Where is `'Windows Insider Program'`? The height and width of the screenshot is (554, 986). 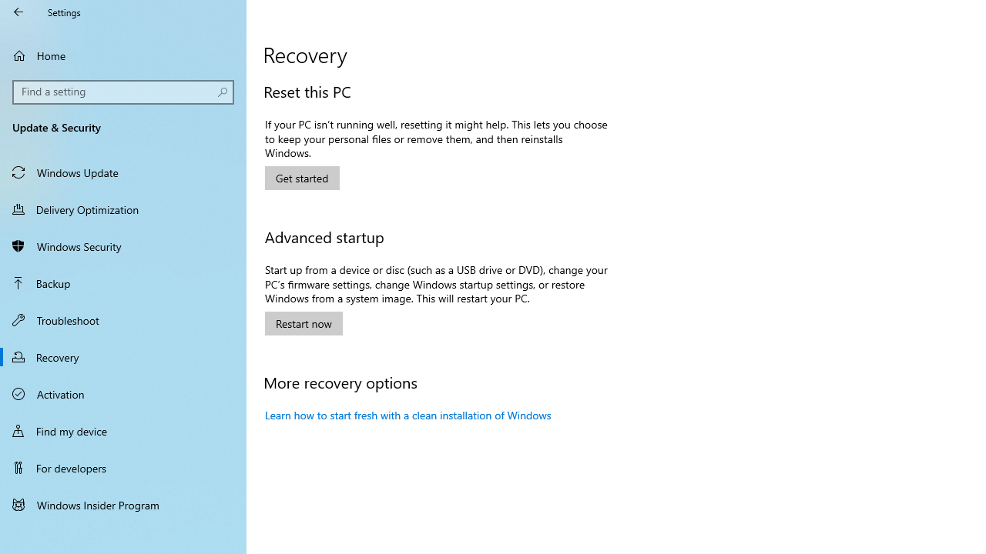 'Windows Insider Program' is located at coordinates (123, 504).